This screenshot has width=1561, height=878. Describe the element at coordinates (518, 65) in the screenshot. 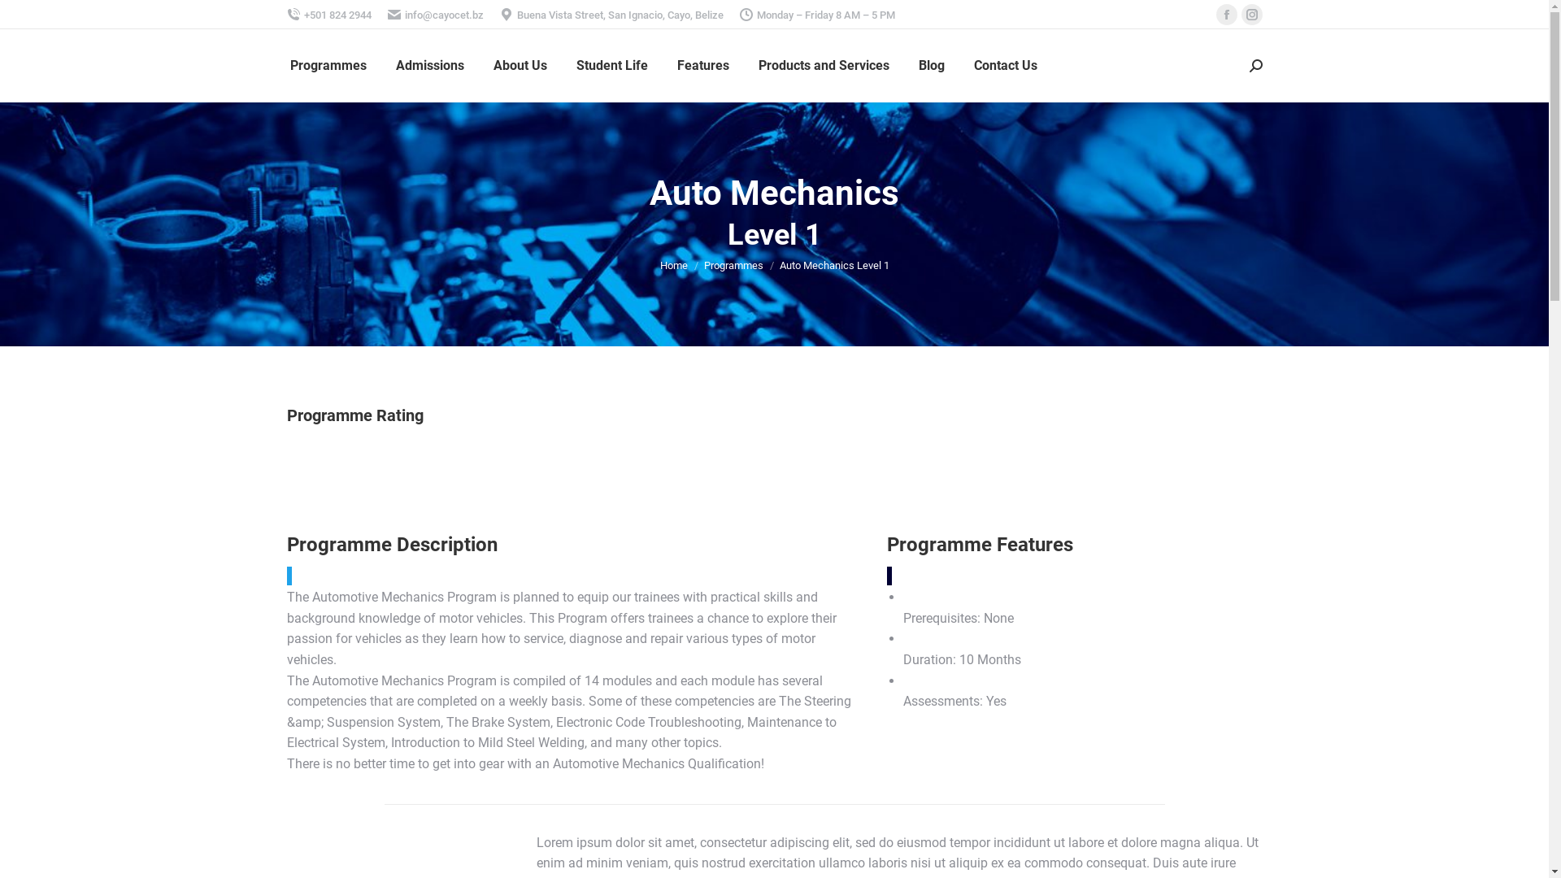

I see `'About Us'` at that location.